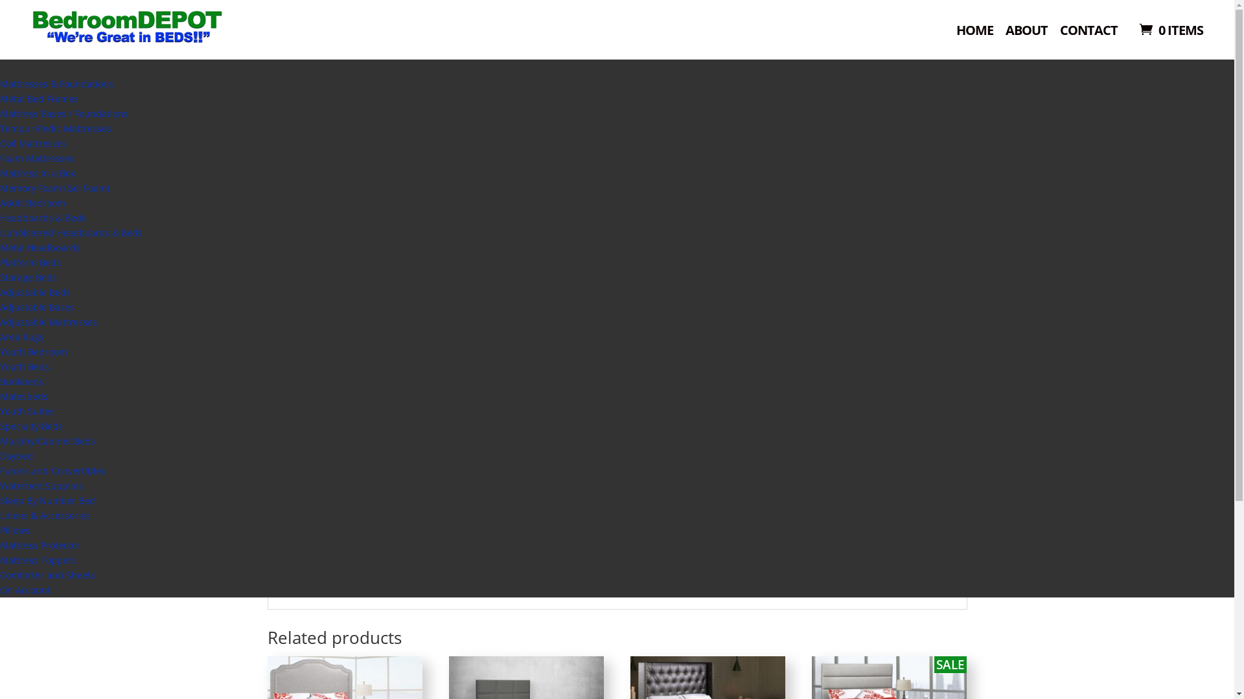 The image size is (1244, 699). What do you see at coordinates (1088, 34) in the screenshot?
I see `'CONTACT'` at bounding box center [1088, 34].